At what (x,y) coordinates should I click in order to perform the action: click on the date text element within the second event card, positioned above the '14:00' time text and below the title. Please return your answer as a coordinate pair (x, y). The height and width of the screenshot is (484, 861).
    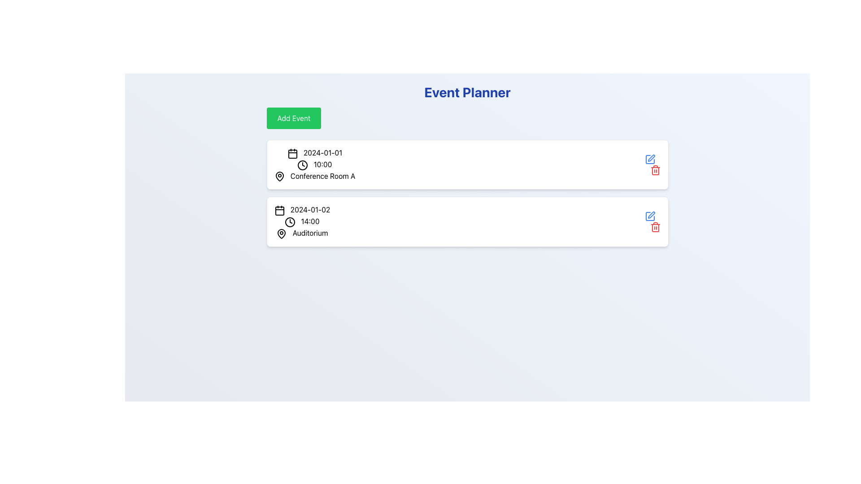
    Looking at the image, I should click on (302, 210).